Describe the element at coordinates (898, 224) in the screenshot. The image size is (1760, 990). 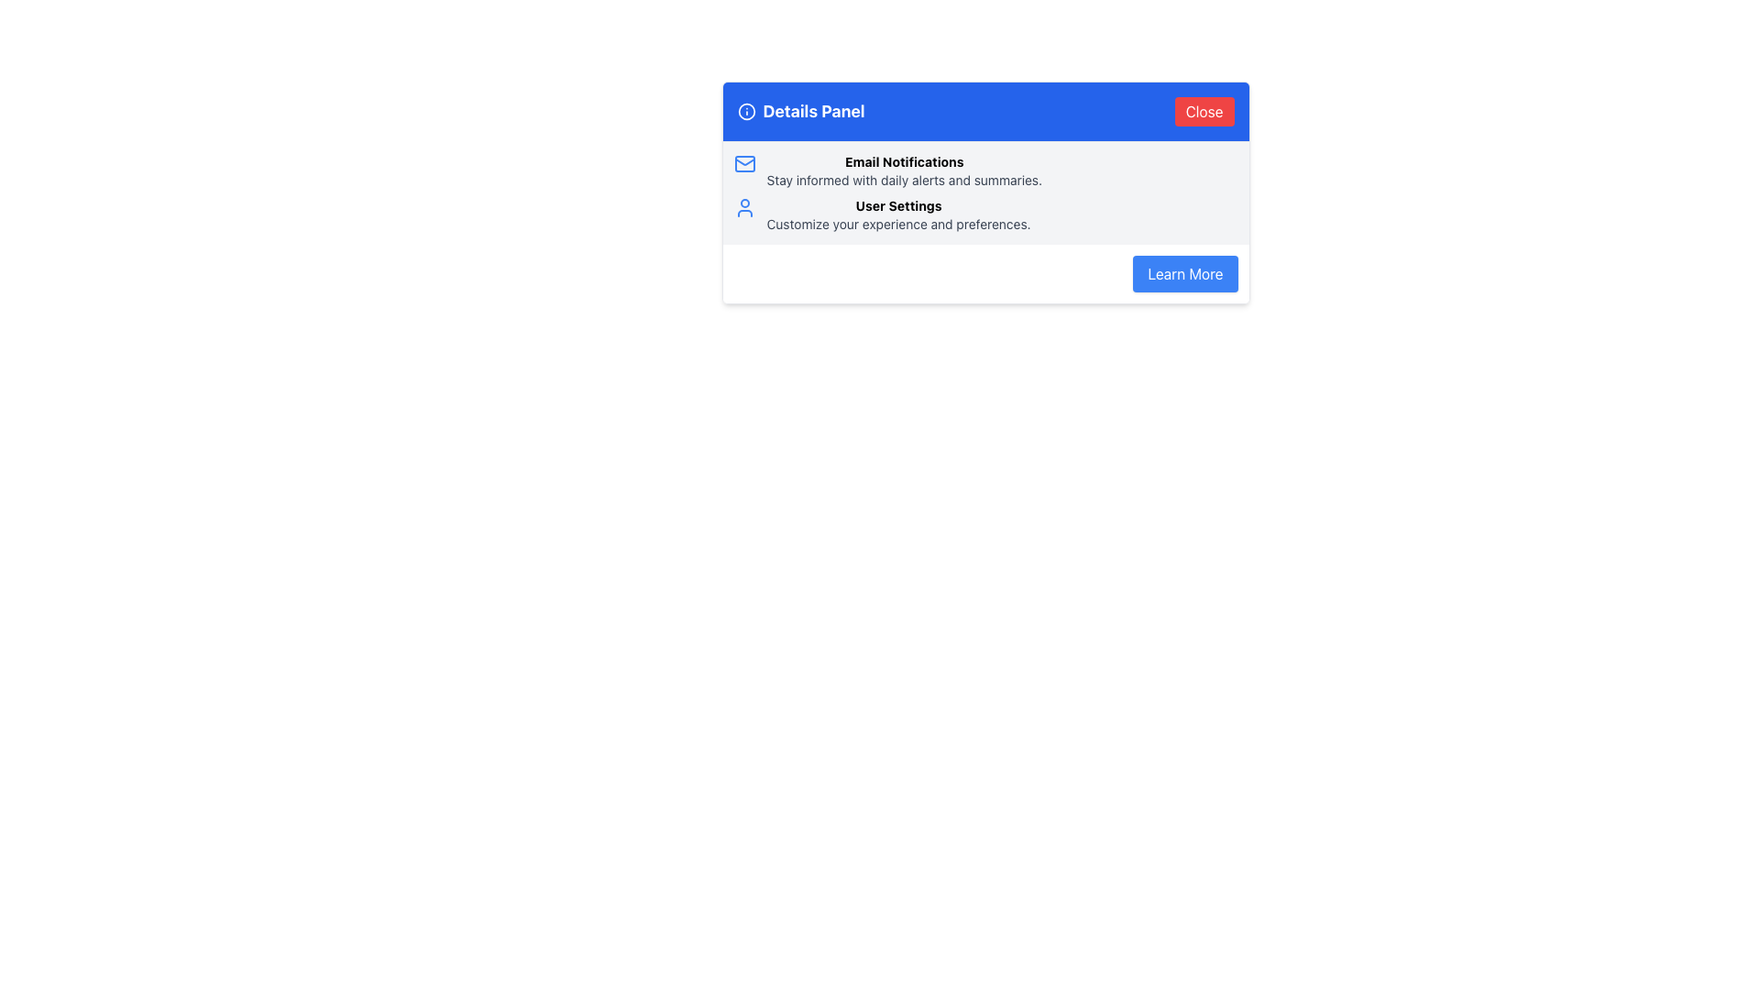
I see `the text label that reads 'Customize your experience and preferences.' located below the 'User Settings' heading` at that location.